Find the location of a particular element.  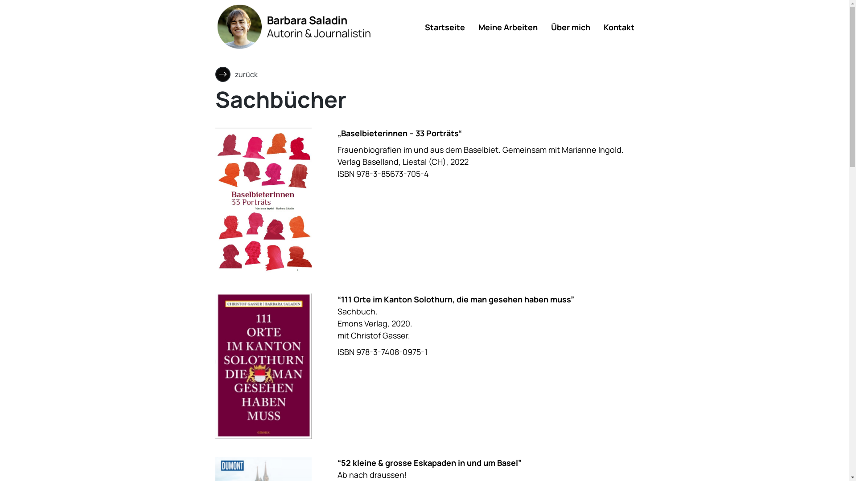

'Startseite' is located at coordinates (444, 27).